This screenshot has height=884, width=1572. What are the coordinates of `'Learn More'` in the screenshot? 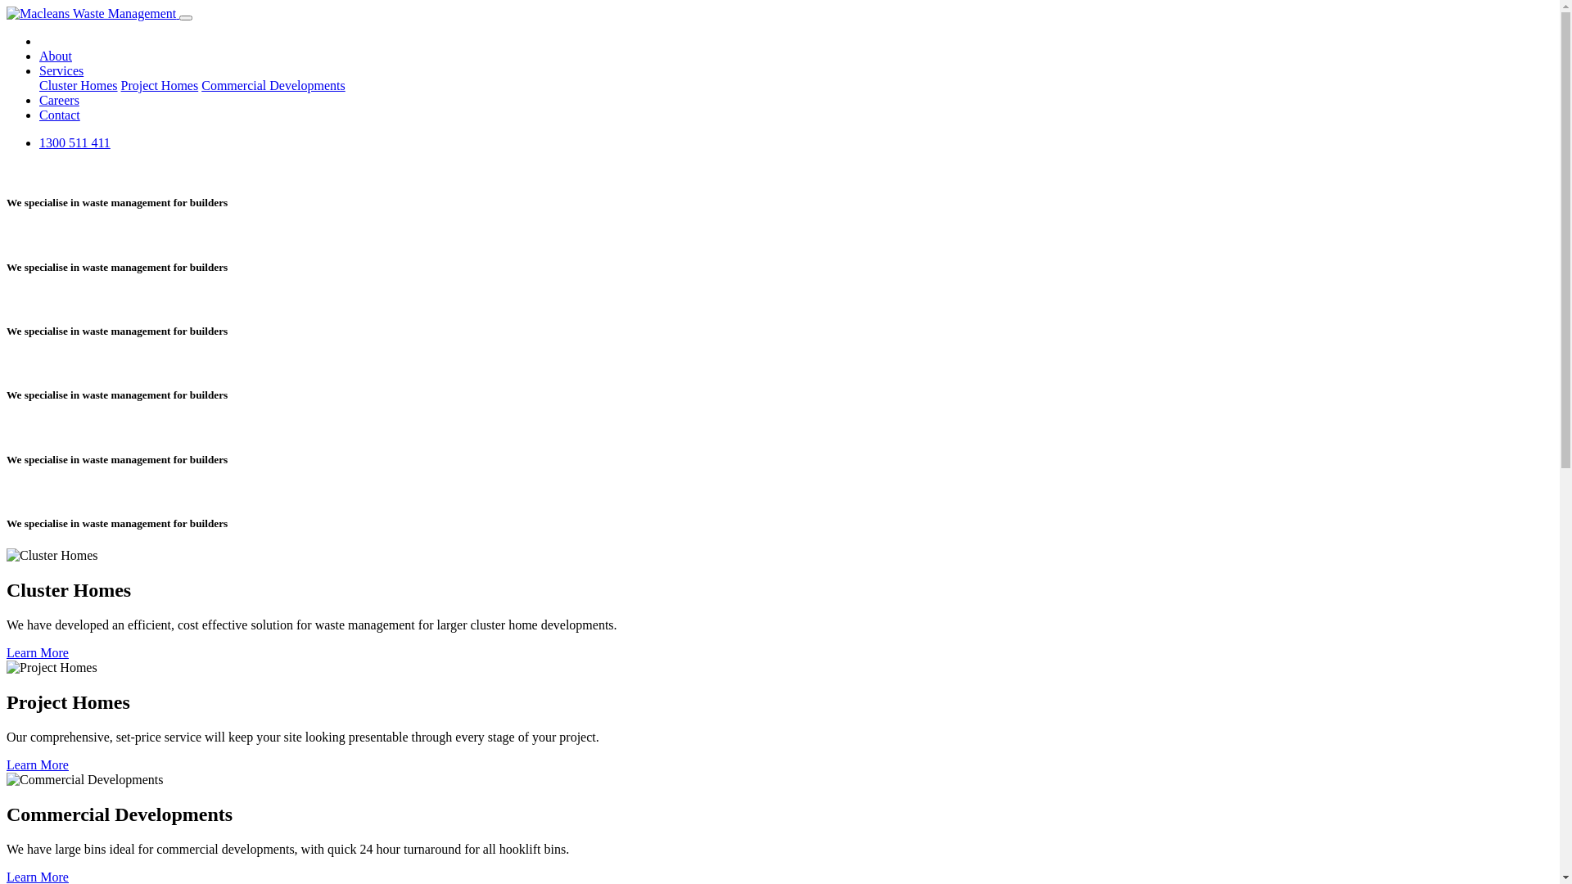 It's located at (38, 764).